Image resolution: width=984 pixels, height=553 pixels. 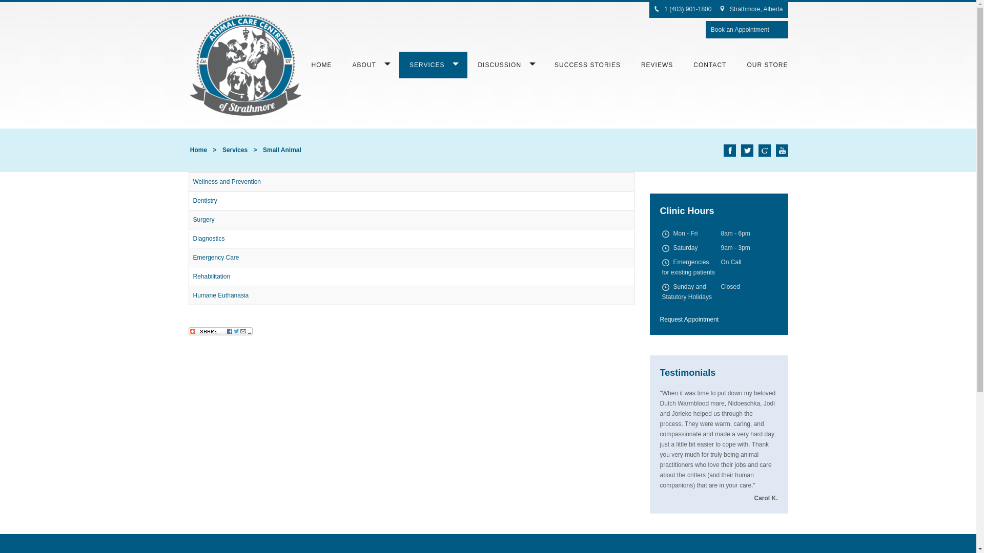 I want to click on 'SERVICES', so click(x=398, y=65).